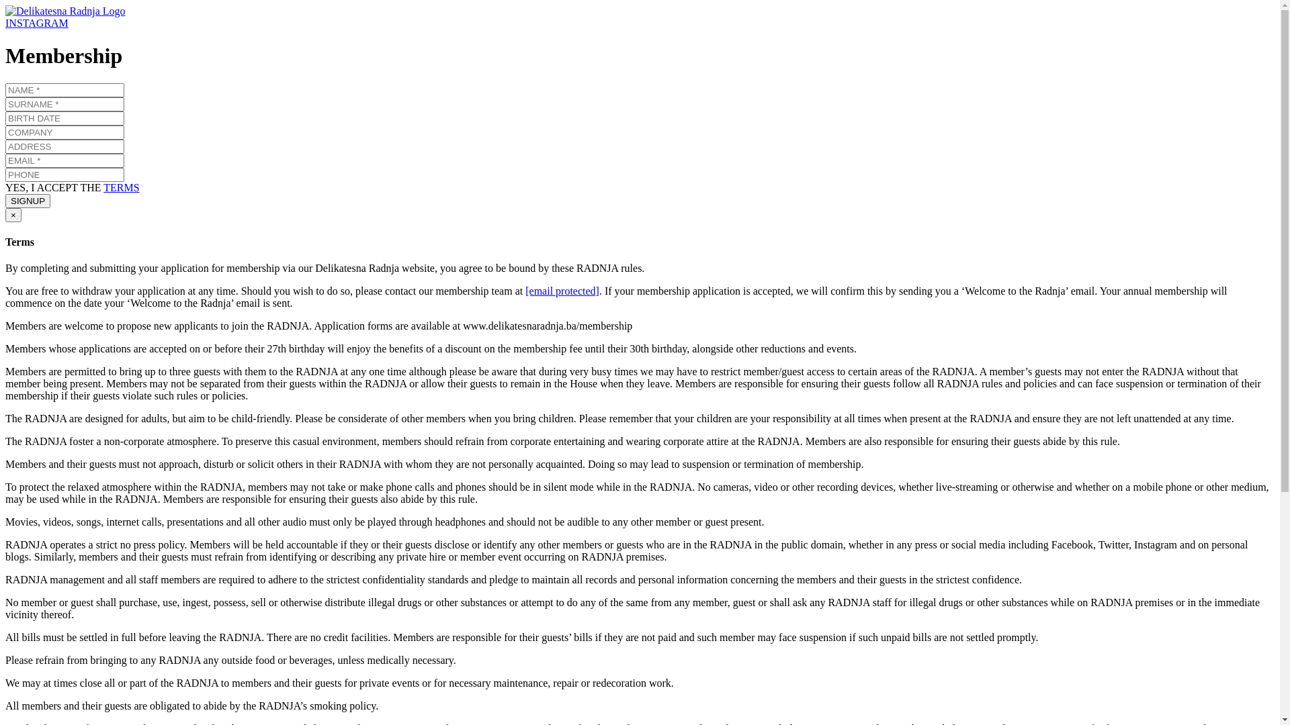 This screenshot has width=1290, height=725. I want to click on 'TERMS', so click(102, 187).